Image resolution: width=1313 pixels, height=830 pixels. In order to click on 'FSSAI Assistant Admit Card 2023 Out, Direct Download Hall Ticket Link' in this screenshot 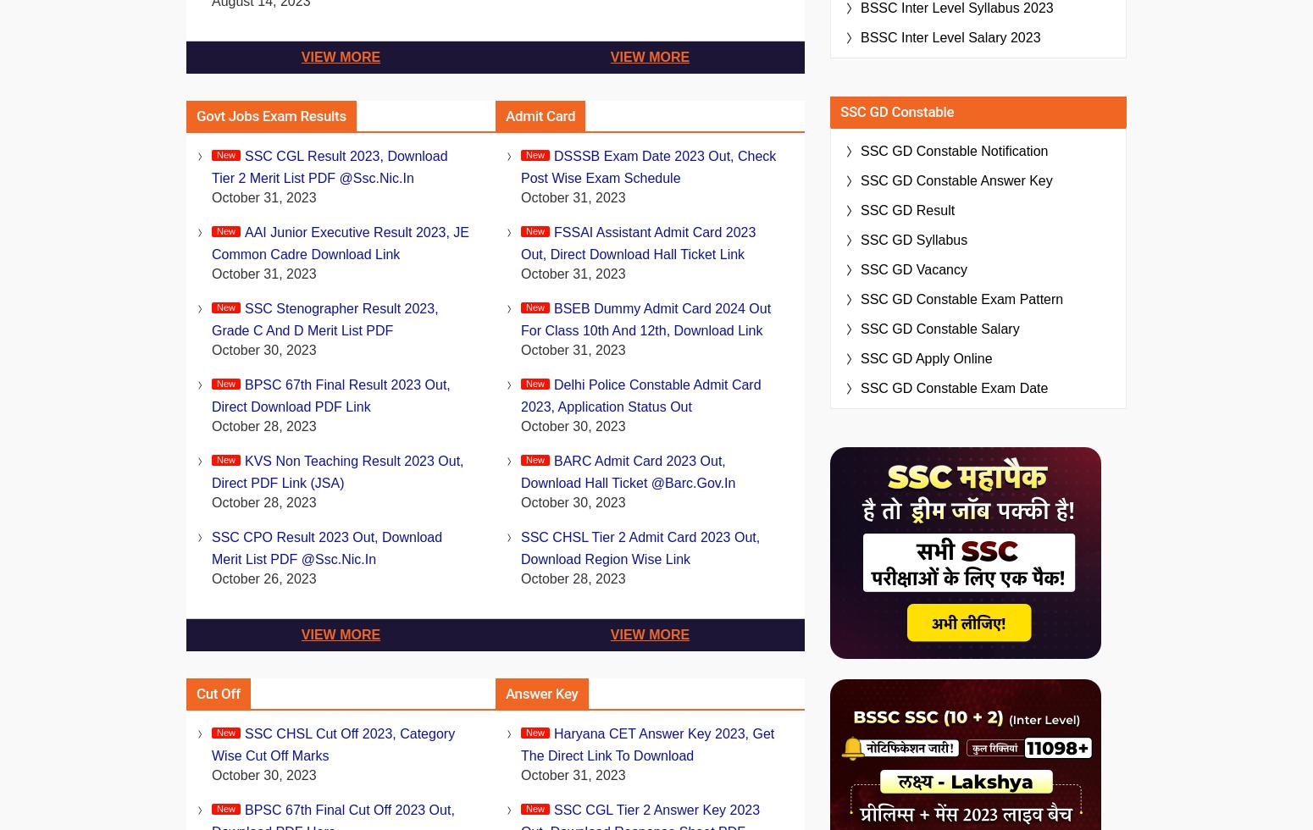, I will do `click(638, 243)`.